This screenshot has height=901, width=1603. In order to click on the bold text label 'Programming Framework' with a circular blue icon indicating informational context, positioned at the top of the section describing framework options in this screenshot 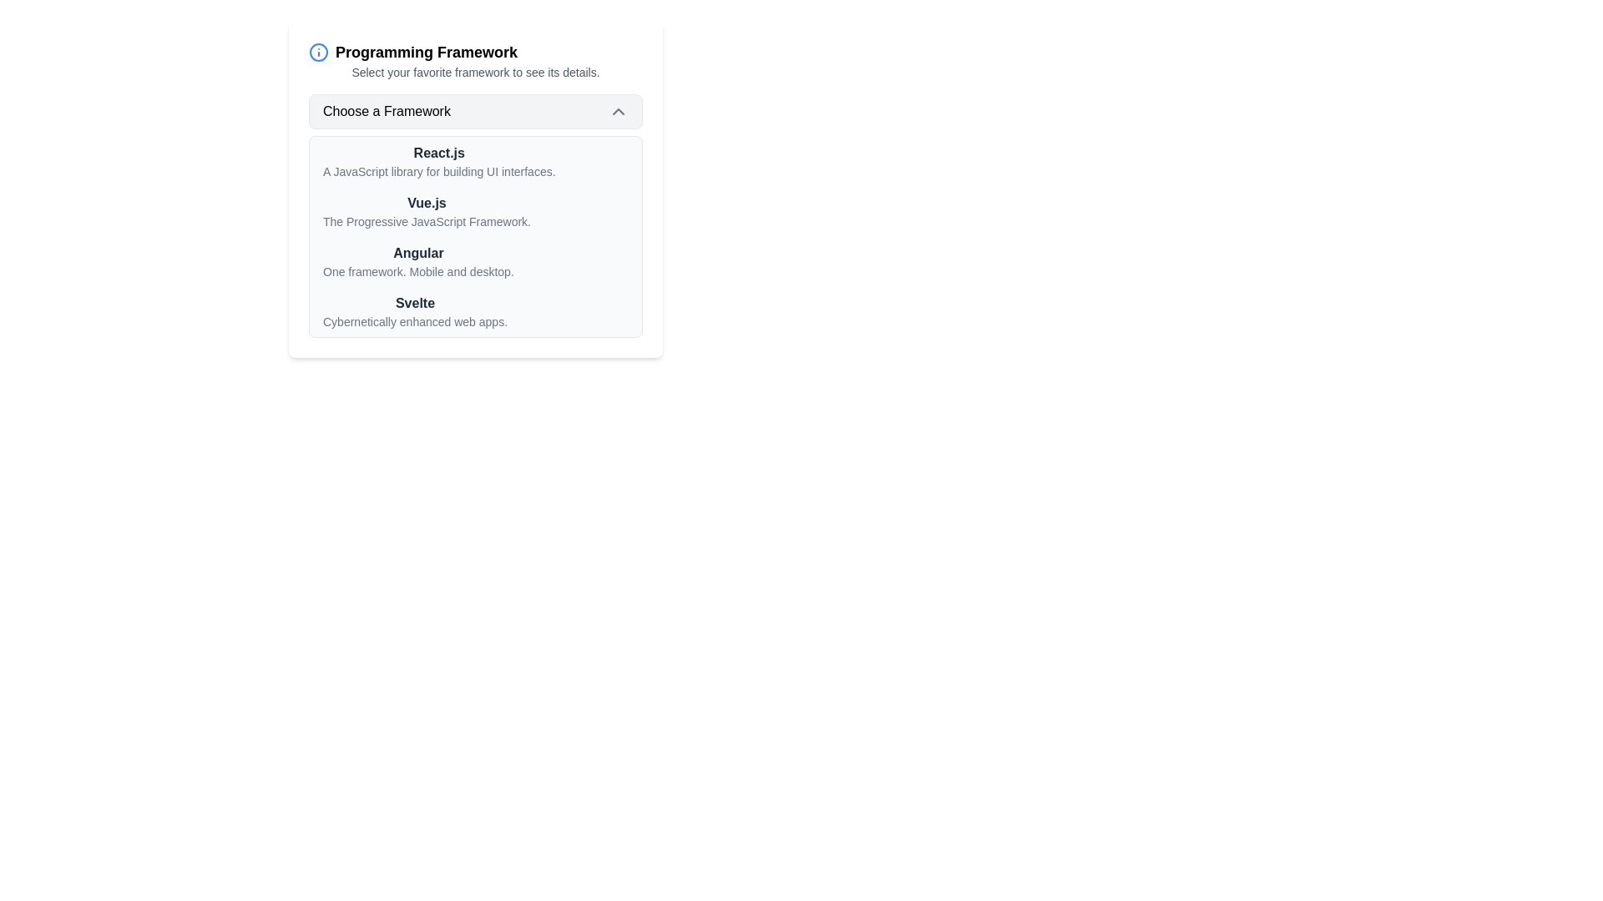, I will do `click(475, 51)`.